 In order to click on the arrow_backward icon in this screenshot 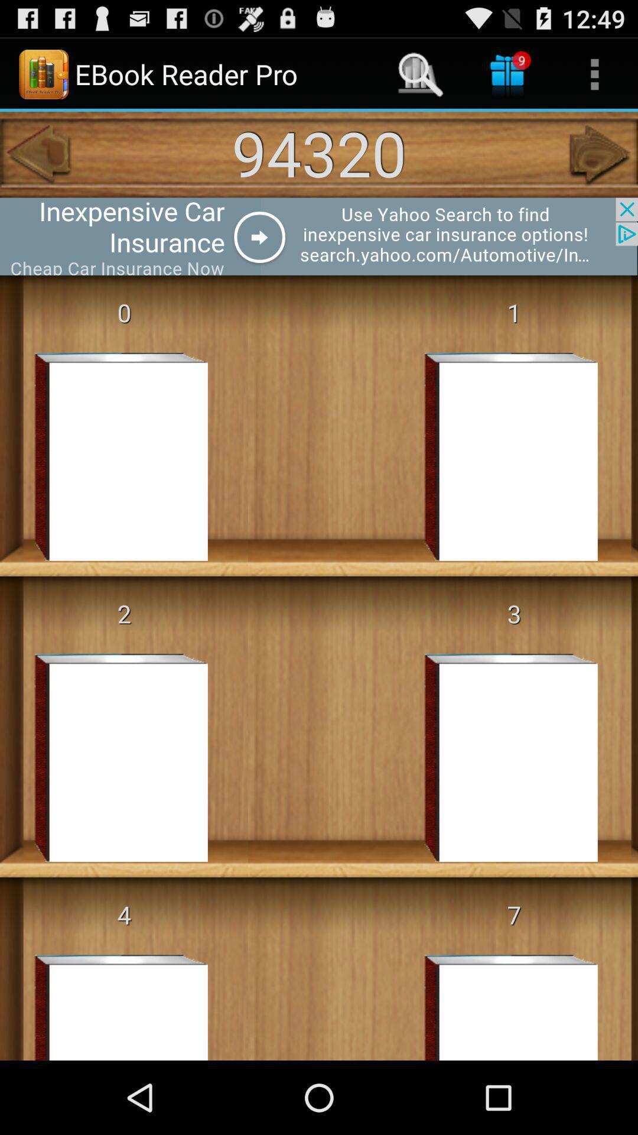, I will do `click(36, 165)`.